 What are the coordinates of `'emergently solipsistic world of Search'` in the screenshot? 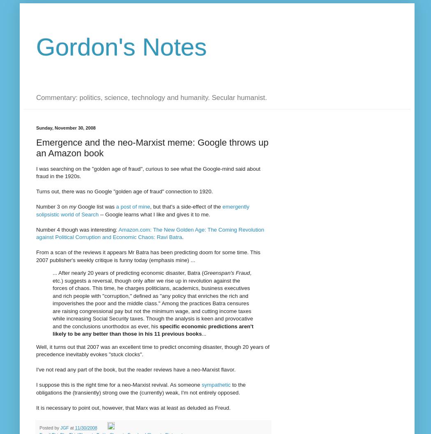 It's located at (142, 210).